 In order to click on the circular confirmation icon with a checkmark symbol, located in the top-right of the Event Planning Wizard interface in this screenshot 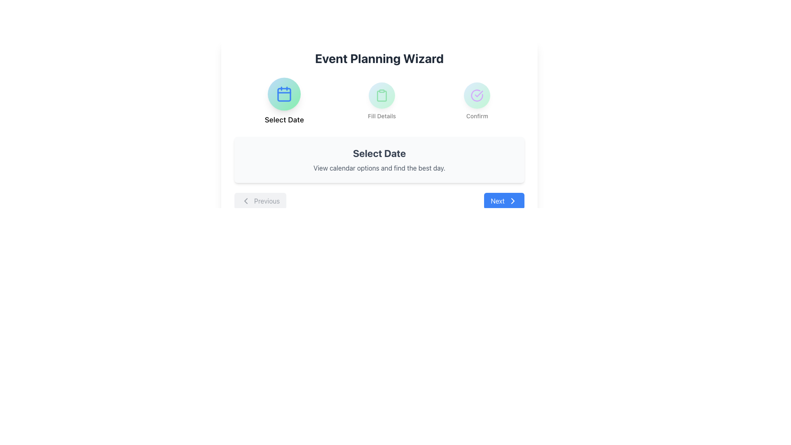, I will do `click(477, 95)`.